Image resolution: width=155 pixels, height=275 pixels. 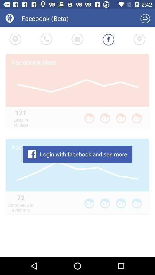 What do you see at coordinates (145, 19) in the screenshot?
I see `refresh` at bounding box center [145, 19].